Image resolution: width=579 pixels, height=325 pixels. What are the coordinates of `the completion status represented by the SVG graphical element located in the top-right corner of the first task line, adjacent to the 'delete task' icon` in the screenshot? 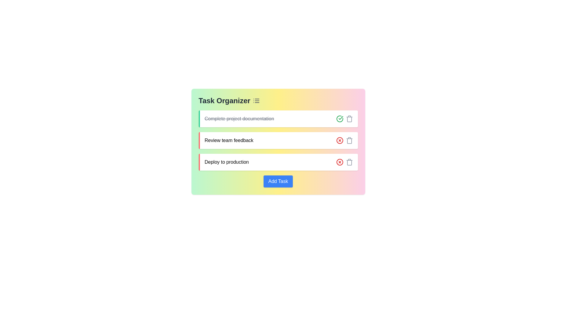 It's located at (340, 119).